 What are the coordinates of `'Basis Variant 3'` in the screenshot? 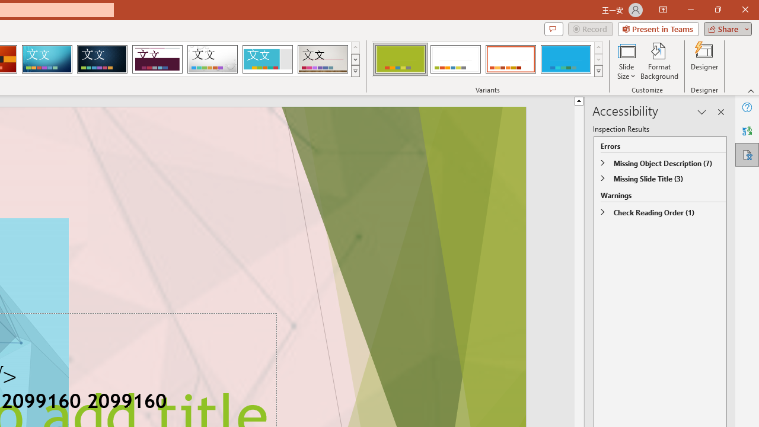 It's located at (511, 59).